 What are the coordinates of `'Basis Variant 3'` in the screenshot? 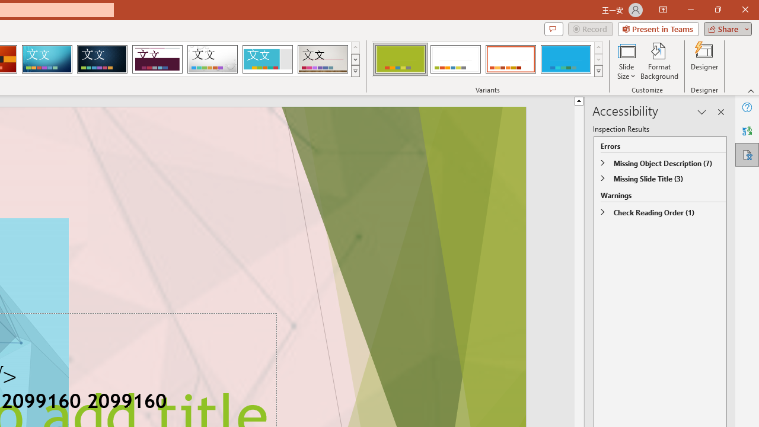 It's located at (511, 59).